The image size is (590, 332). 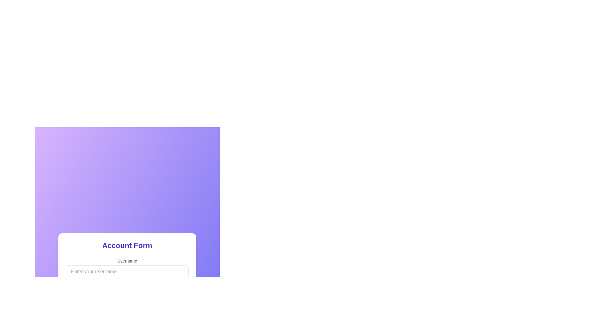 What do you see at coordinates (127, 261) in the screenshot?
I see `the 'Username' text label which is styled with a smaller font size, medium weight, and gray color, located directly above the input field for entering the username` at bounding box center [127, 261].